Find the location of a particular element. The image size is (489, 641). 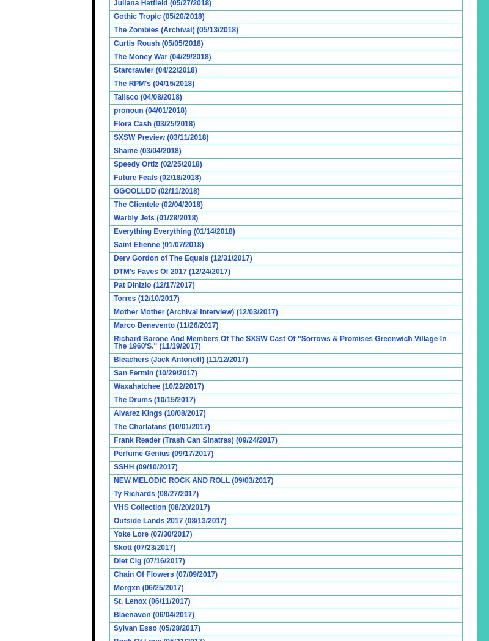

'Gothic Tropic  (05/20/2018)' is located at coordinates (158, 16).